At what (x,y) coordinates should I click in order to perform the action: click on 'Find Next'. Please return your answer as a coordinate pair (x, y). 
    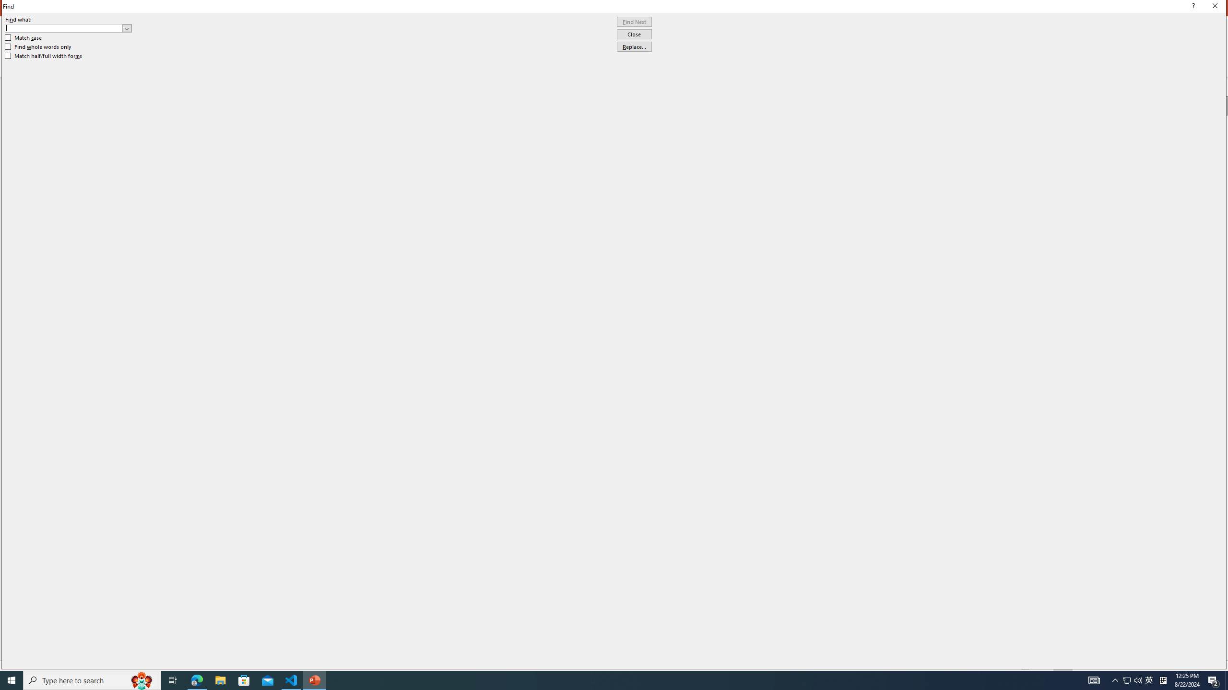
    Looking at the image, I should click on (634, 22).